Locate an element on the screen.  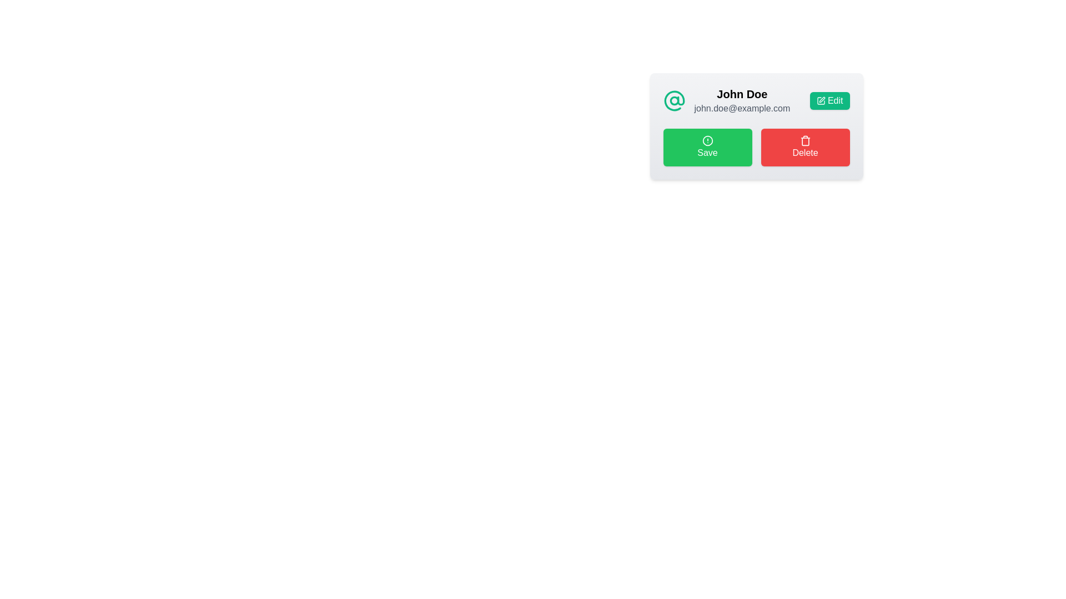
the edit button located in the top-right corner adjacent to 'John Doe' and 'john.doe@example.com' to initiate the edit action is located at coordinates (829, 100).